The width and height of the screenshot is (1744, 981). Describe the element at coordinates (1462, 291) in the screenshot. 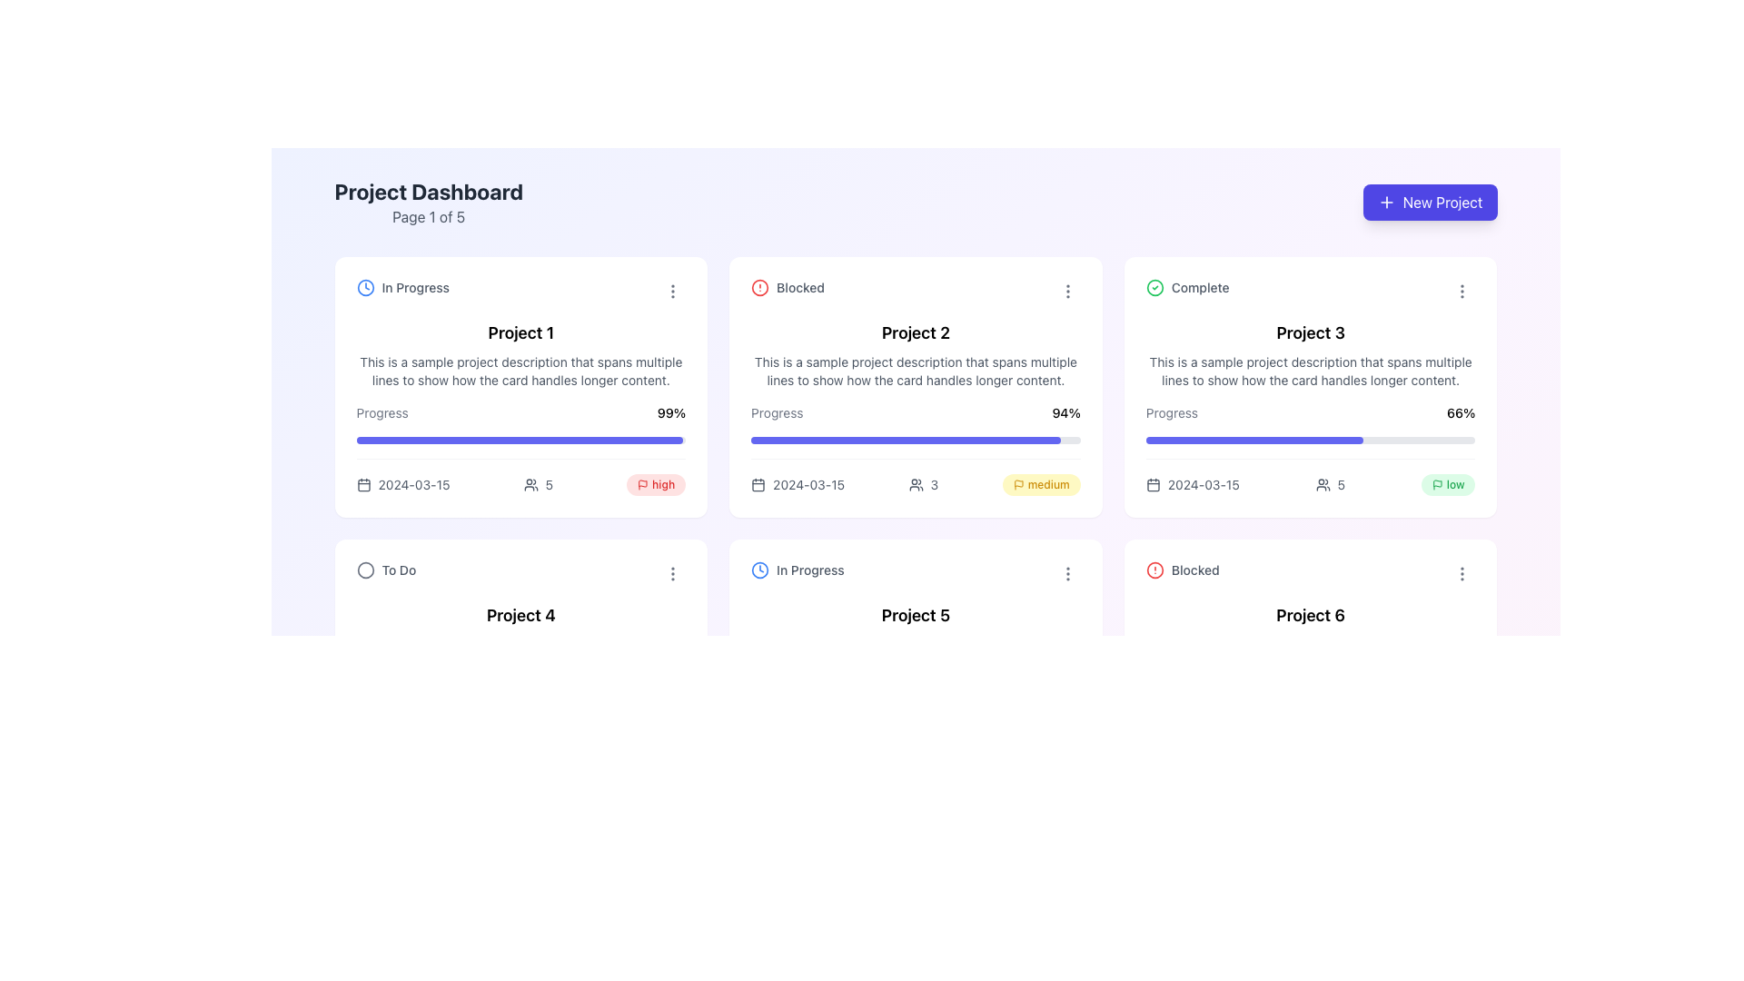

I see `the interactive icon located in the top-right corner of the 'Project 3' card` at that location.